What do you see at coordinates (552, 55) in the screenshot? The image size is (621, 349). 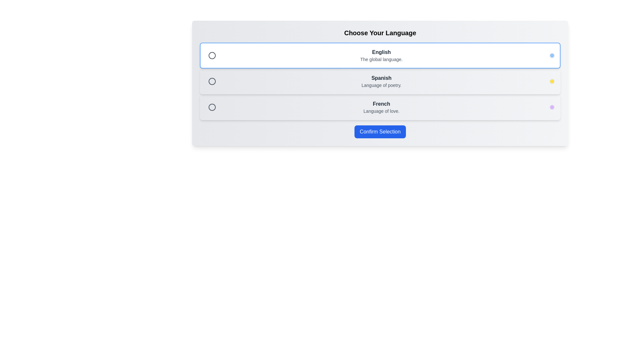 I see `the radio button` at bounding box center [552, 55].